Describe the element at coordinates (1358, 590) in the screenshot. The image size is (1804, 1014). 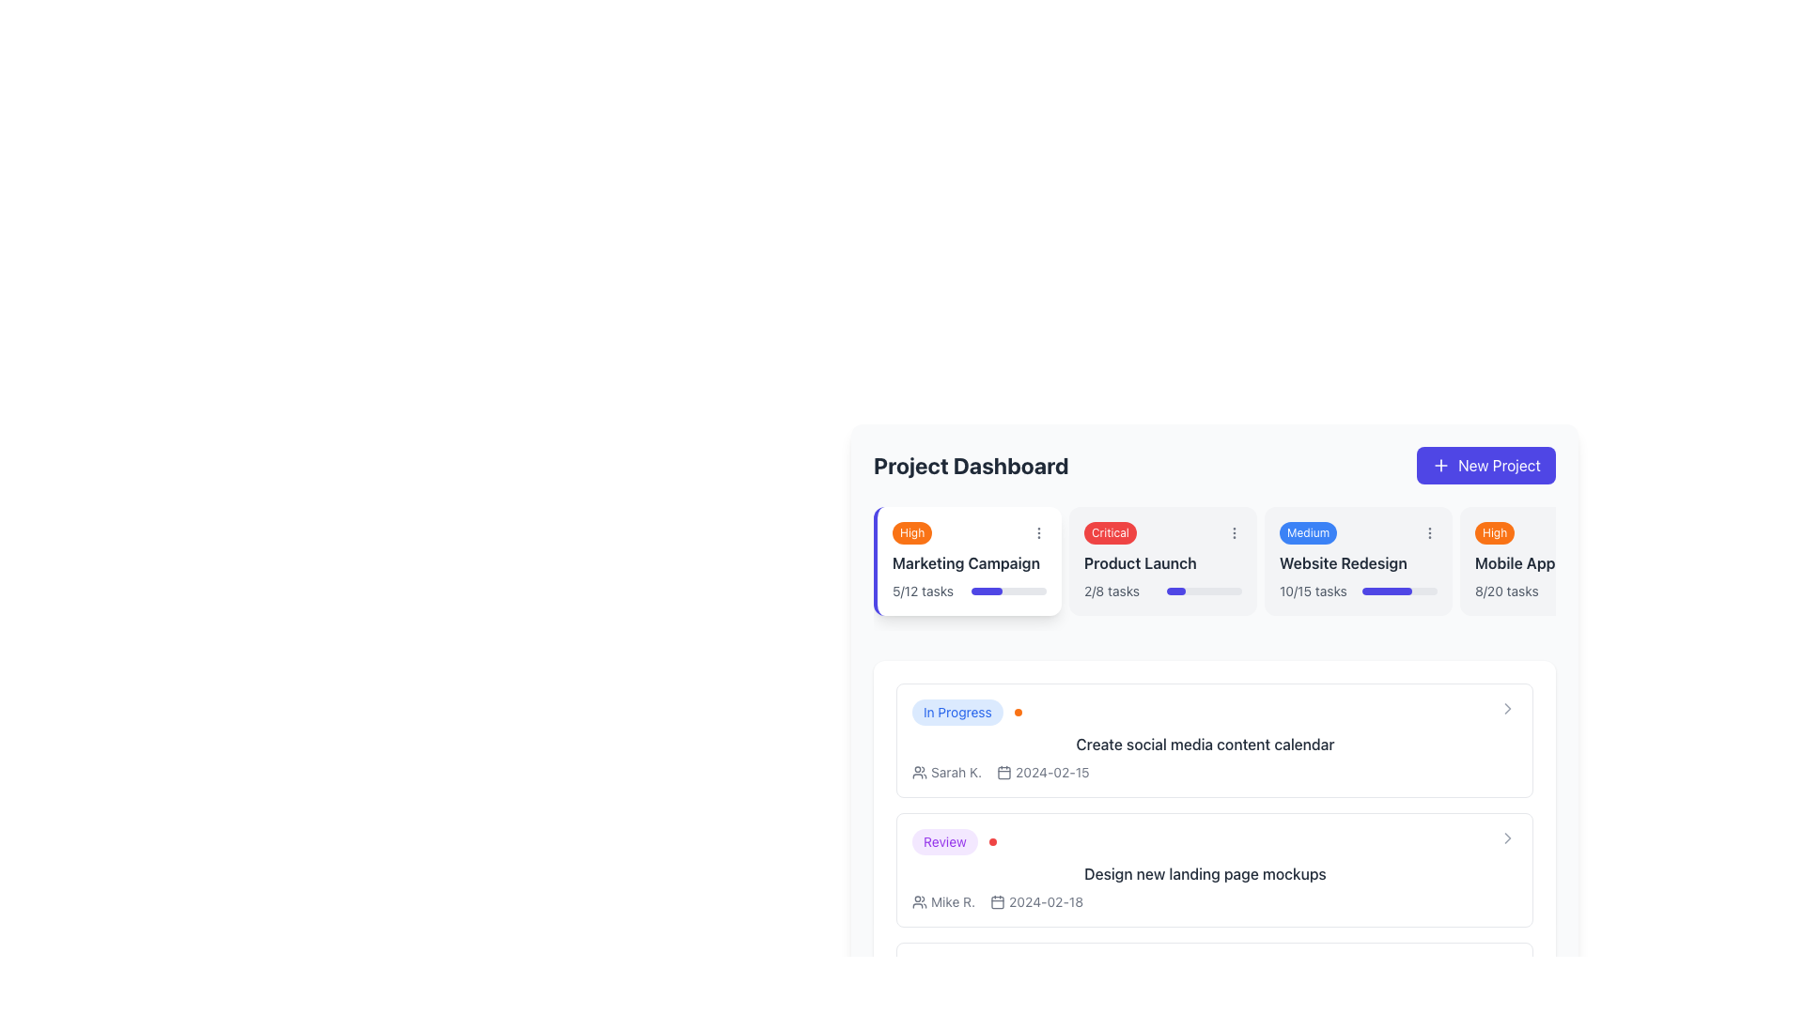
I see `text displayed on the Progress indicator showing '10/15 tasks', located at the bottom-right section of the 'Website Redesign' card` at that location.